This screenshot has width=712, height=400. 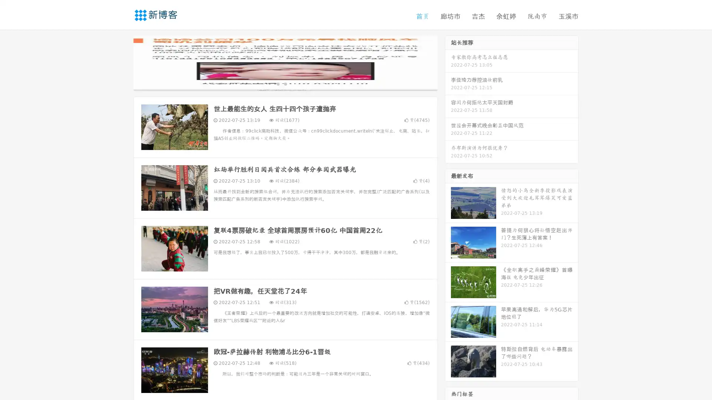 What do you see at coordinates (285, 83) in the screenshot?
I see `Go to slide 2` at bounding box center [285, 83].